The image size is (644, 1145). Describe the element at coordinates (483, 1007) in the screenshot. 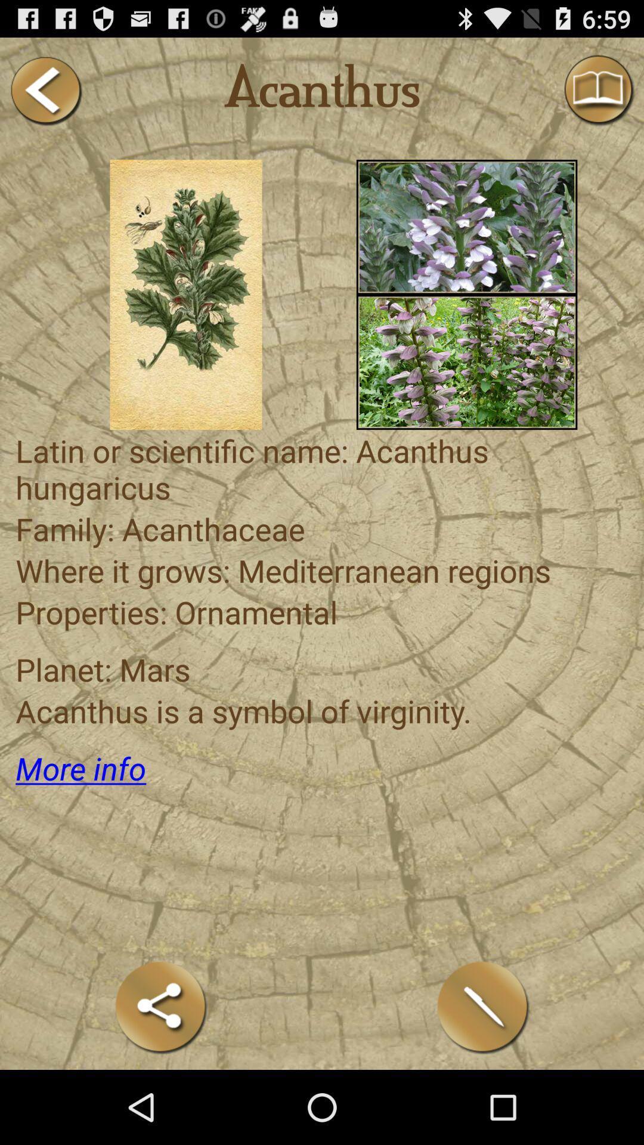

I see `edit` at that location.